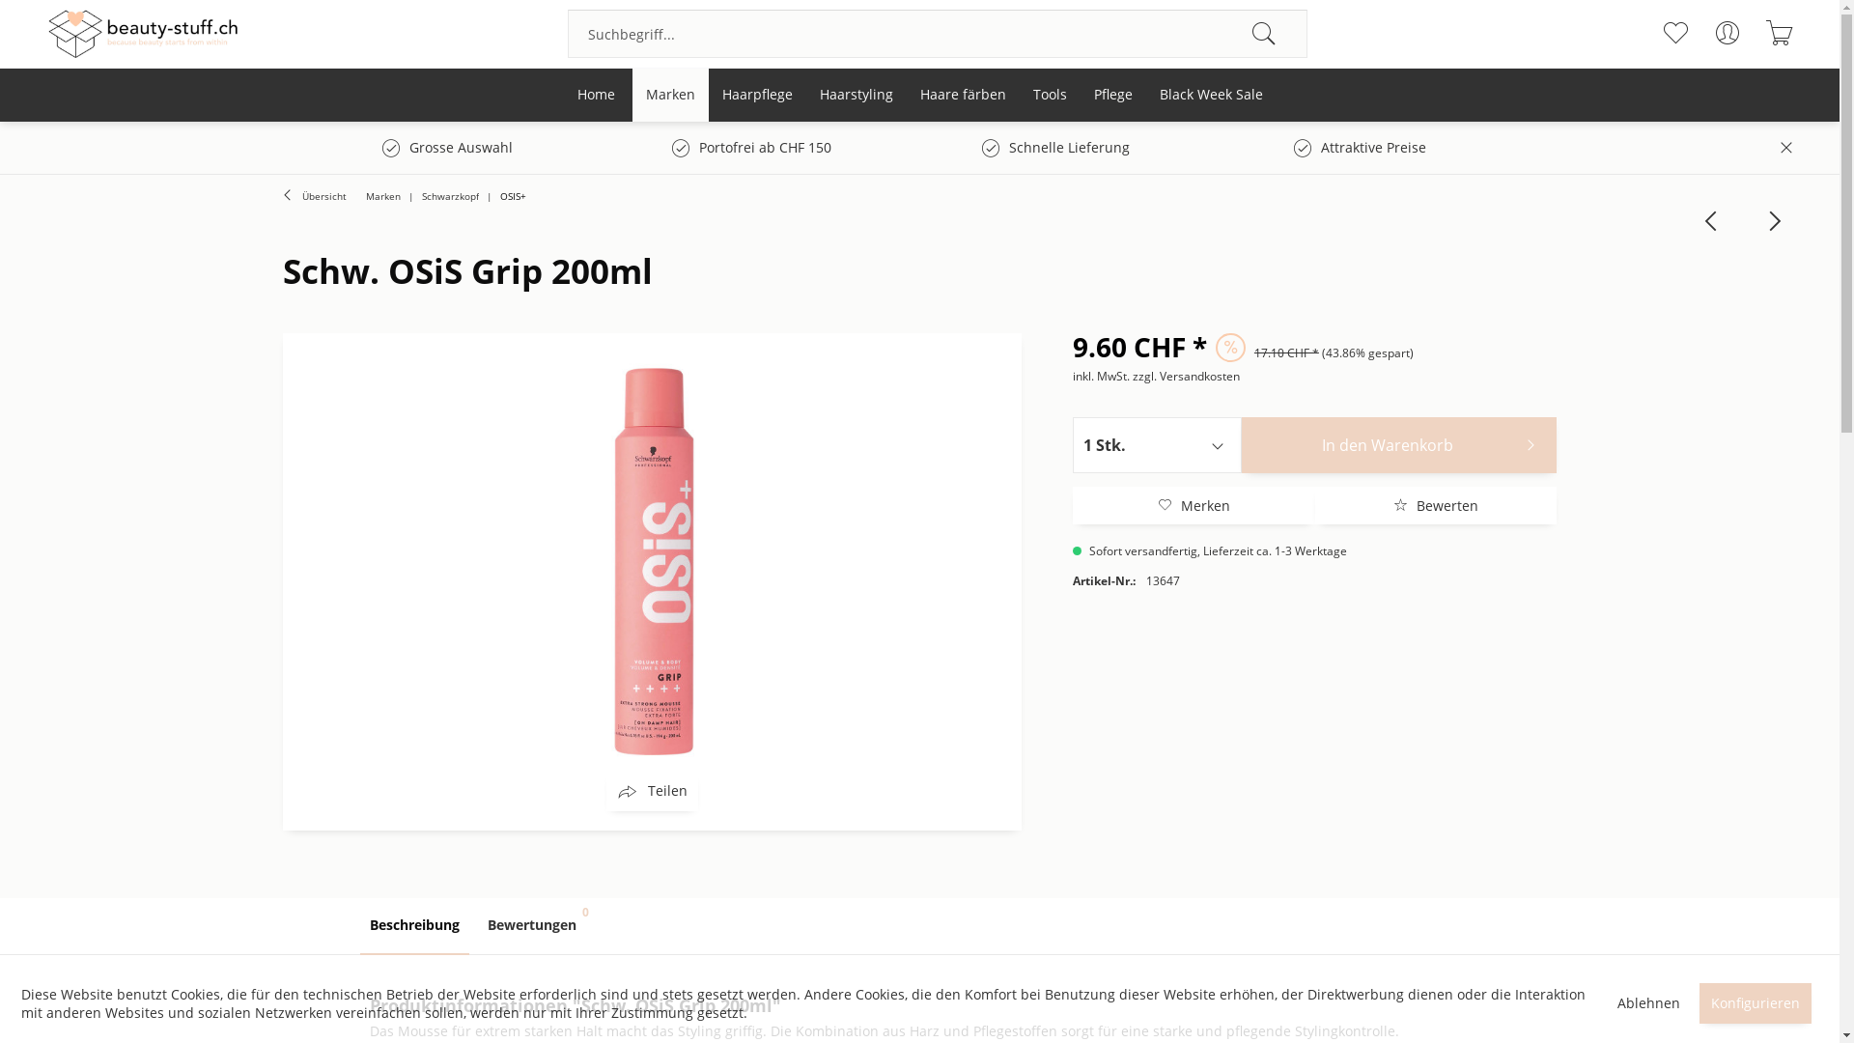  What do you see at coordinates (1727, 33) in the screenshot?
I see `'Mein Konto'` at bounding box center [1727, 33].